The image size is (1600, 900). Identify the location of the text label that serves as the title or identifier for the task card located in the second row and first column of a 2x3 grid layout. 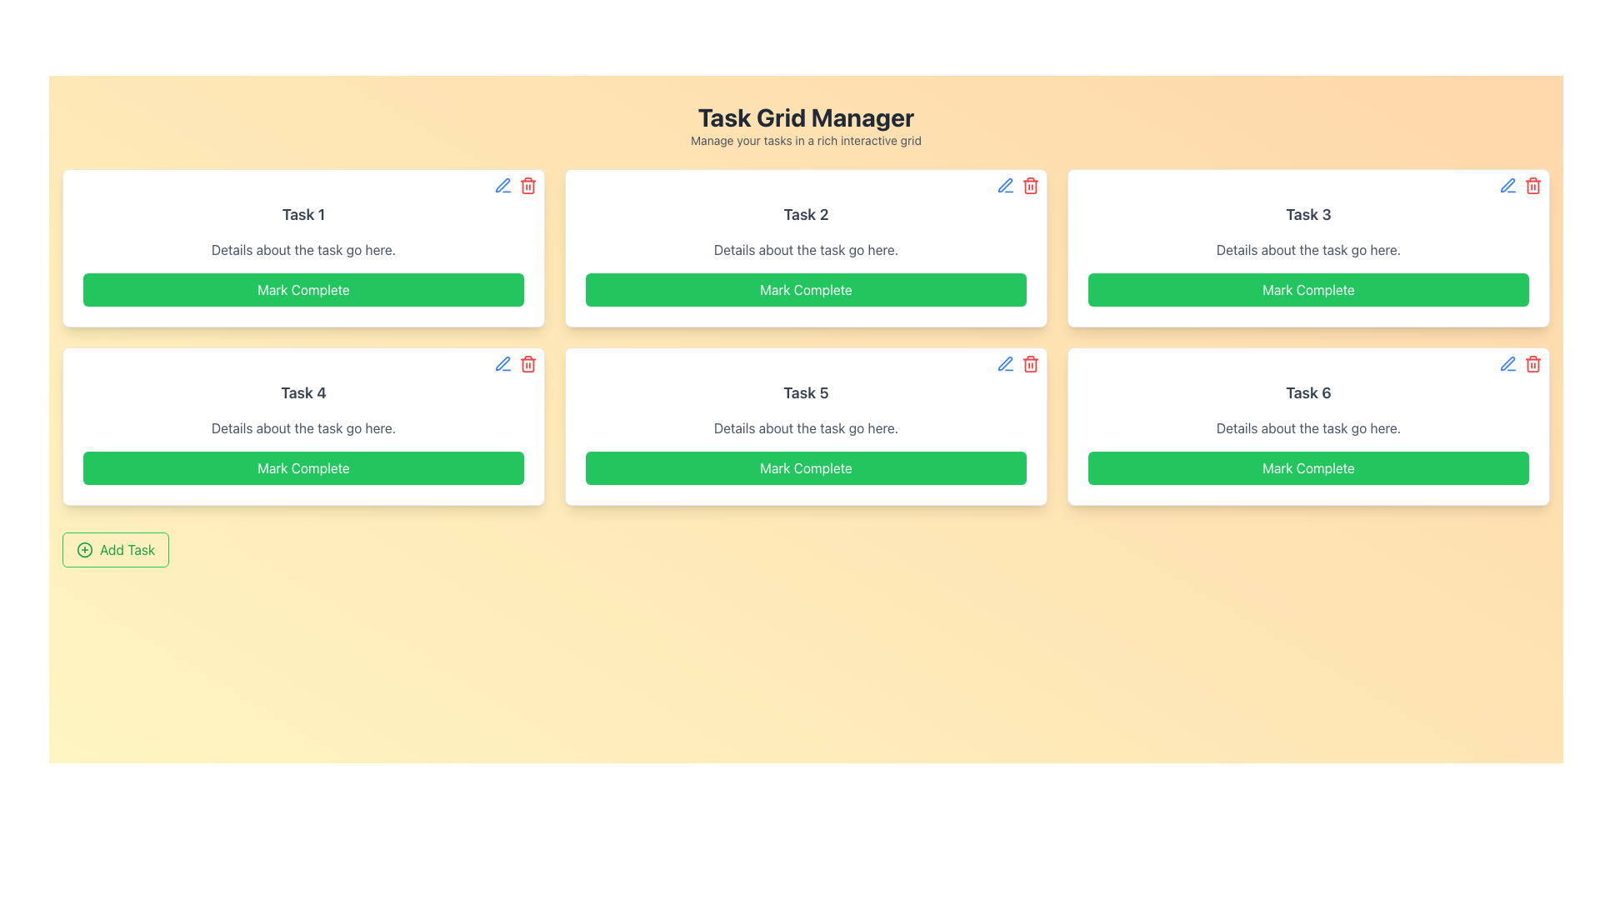
(303, 392).